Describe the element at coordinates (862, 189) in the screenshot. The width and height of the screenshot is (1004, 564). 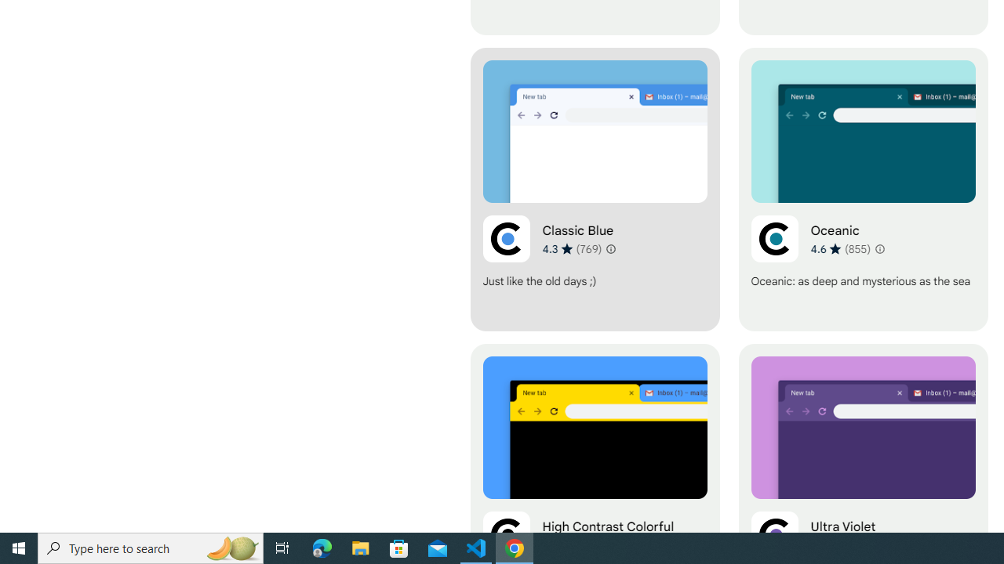
I see `'Oceanic'` at that location.